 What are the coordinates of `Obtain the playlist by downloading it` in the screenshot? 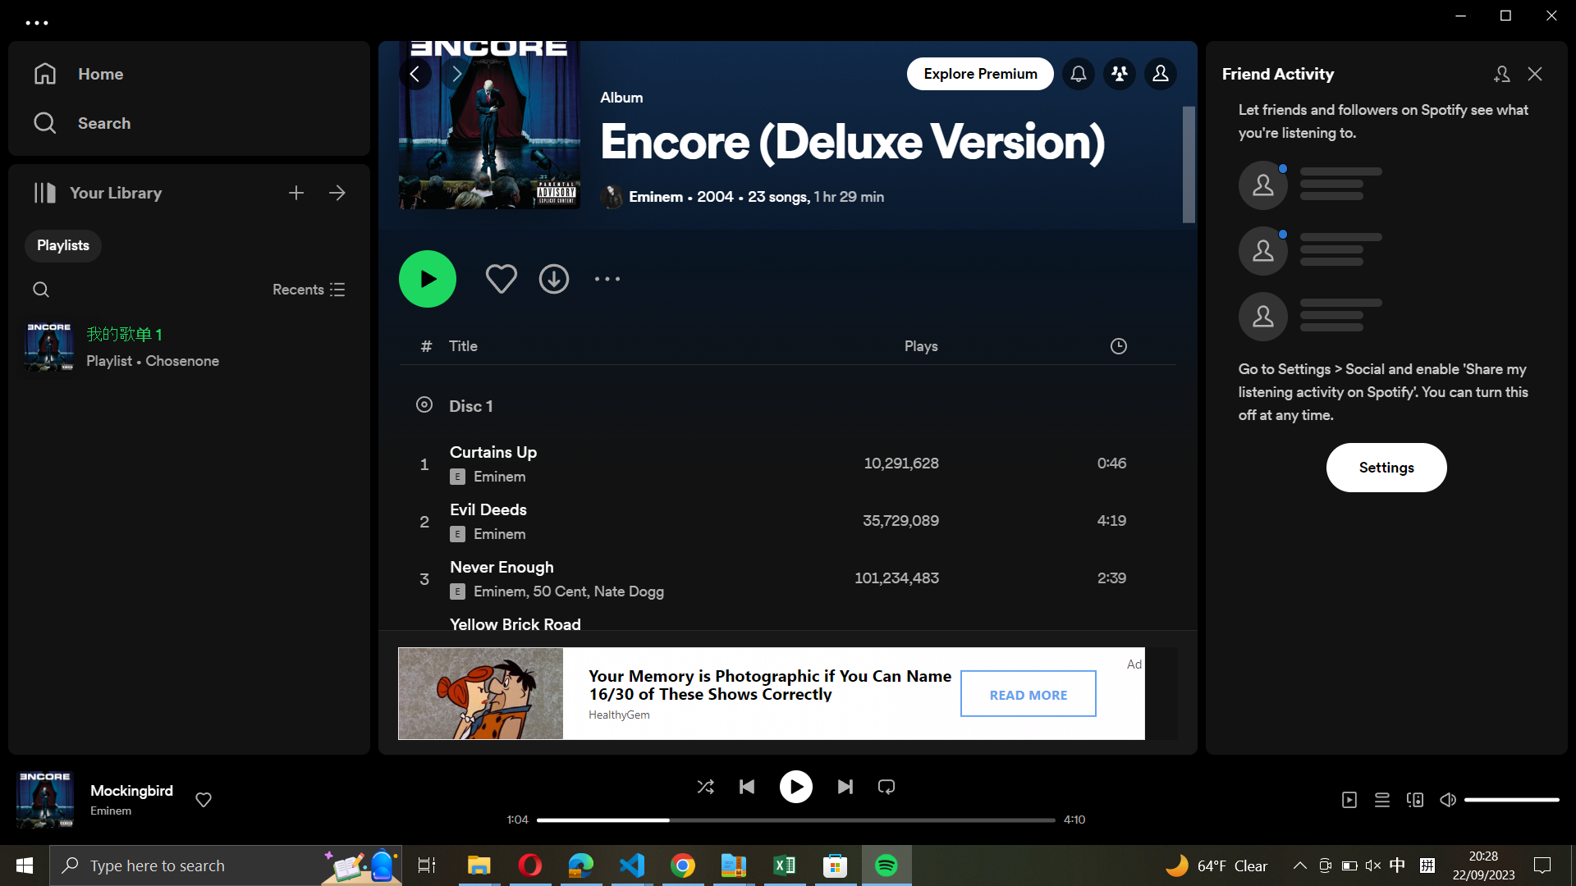 It's located at (555, 276).